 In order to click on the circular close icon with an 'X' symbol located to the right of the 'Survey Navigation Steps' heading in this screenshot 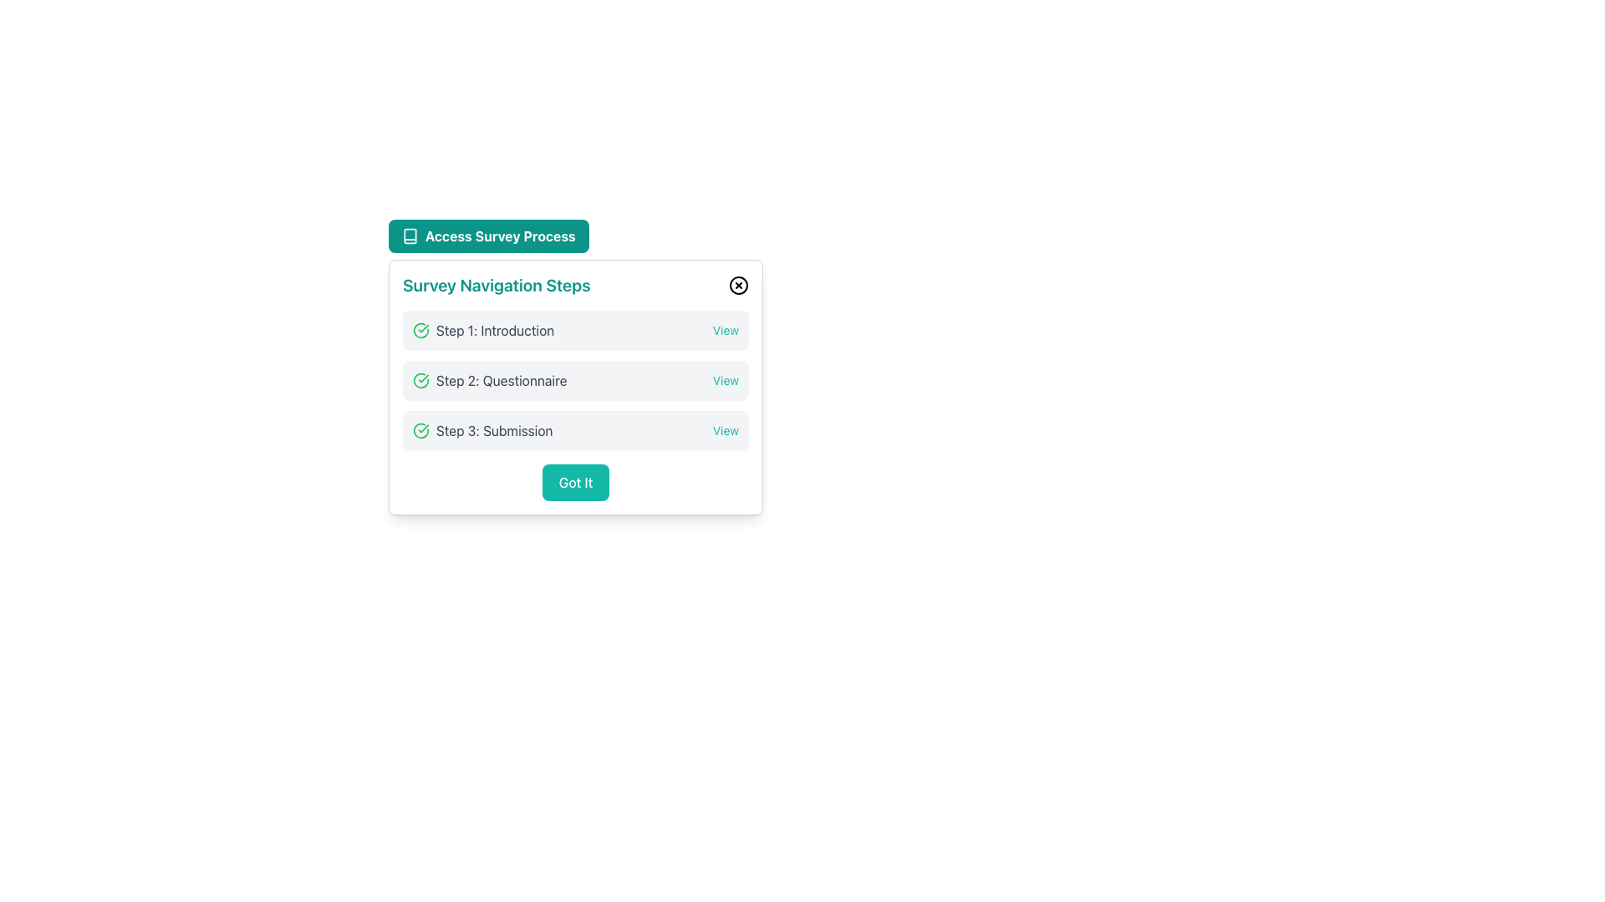, I will do `click(737, 285)`.